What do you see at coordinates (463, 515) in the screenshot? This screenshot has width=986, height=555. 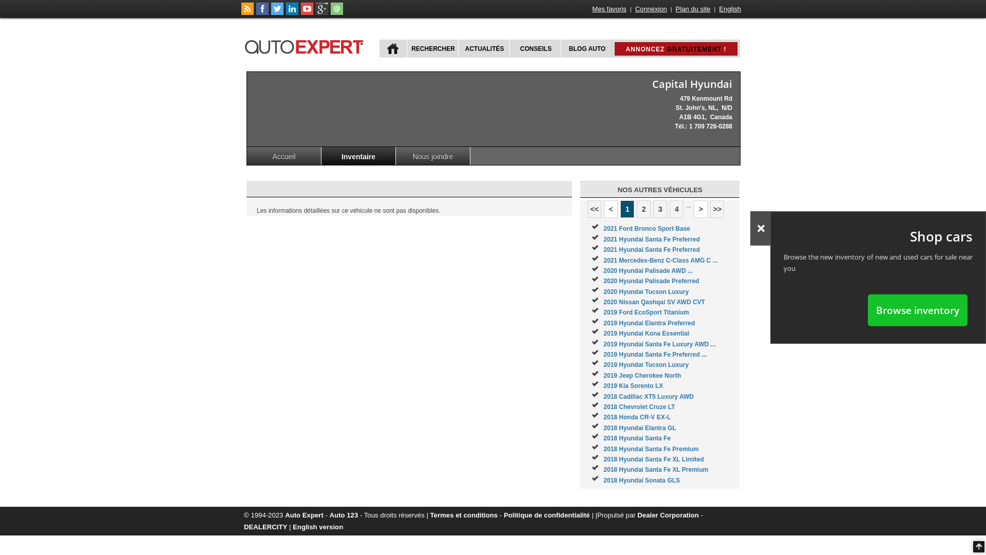 I see `'Termes et conditions'` at bounding box center [463, 515].